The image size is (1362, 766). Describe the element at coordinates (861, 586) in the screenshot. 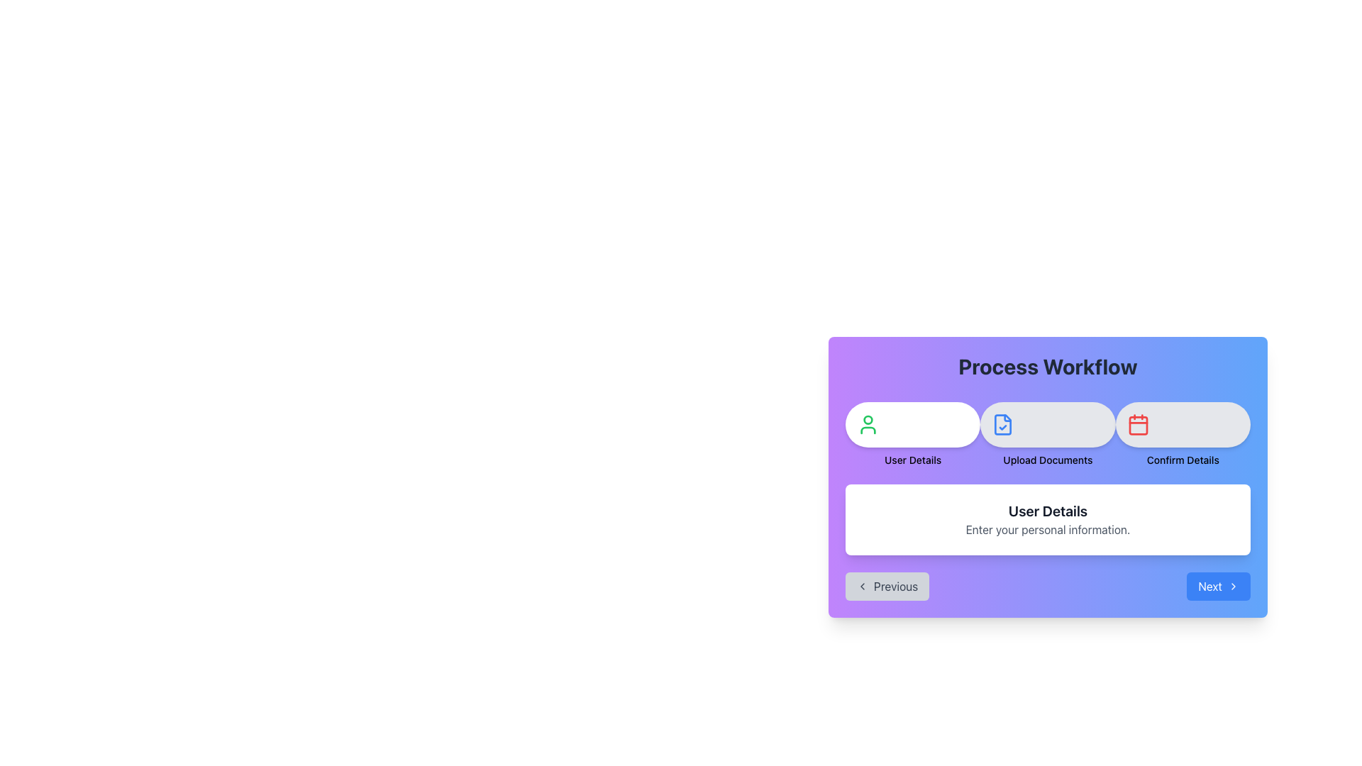

I see `the 'Previous' icon, which represents navigation to the previous step in the workflow, located at the bottom left section of the interface` at that location.